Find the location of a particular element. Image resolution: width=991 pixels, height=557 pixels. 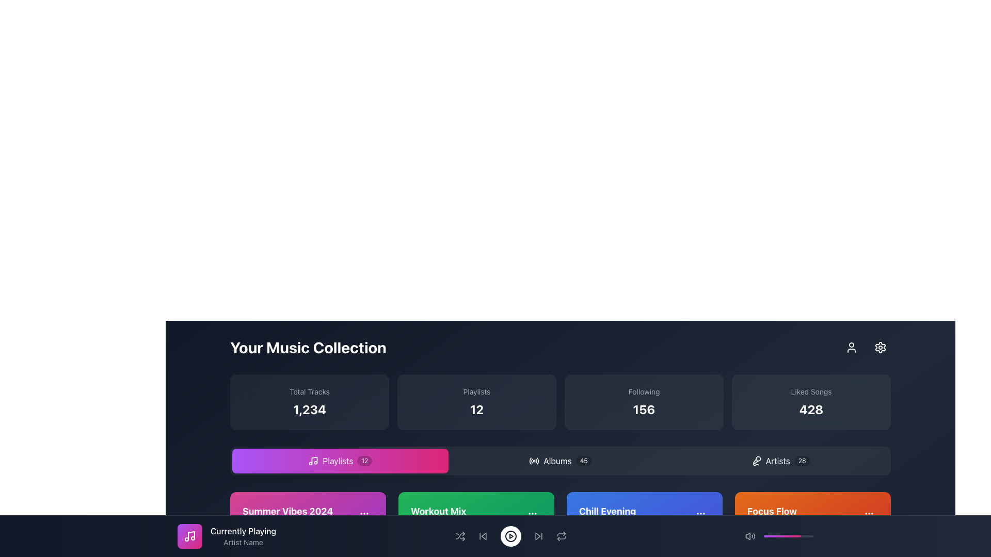

the Display badge, which is a rounded rectangle badge with a semi-transparent black background and white text displaying the number '12', located to the right of the 'Playlists' section is located at coordinates (364, 461).